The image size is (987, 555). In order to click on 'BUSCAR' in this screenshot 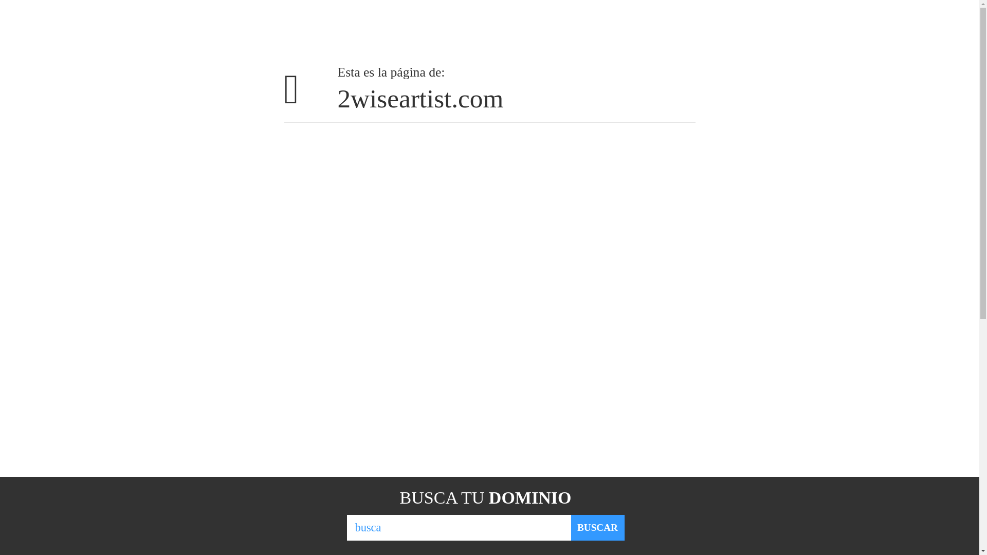, I will do `click(597, 527)`.